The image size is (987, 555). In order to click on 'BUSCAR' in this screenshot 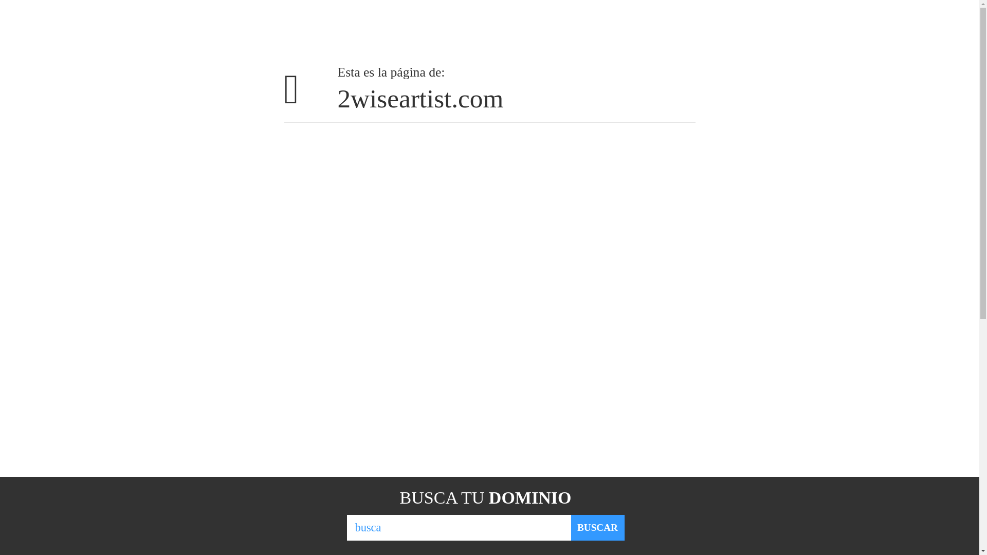, I will do `click(597, 527)`.